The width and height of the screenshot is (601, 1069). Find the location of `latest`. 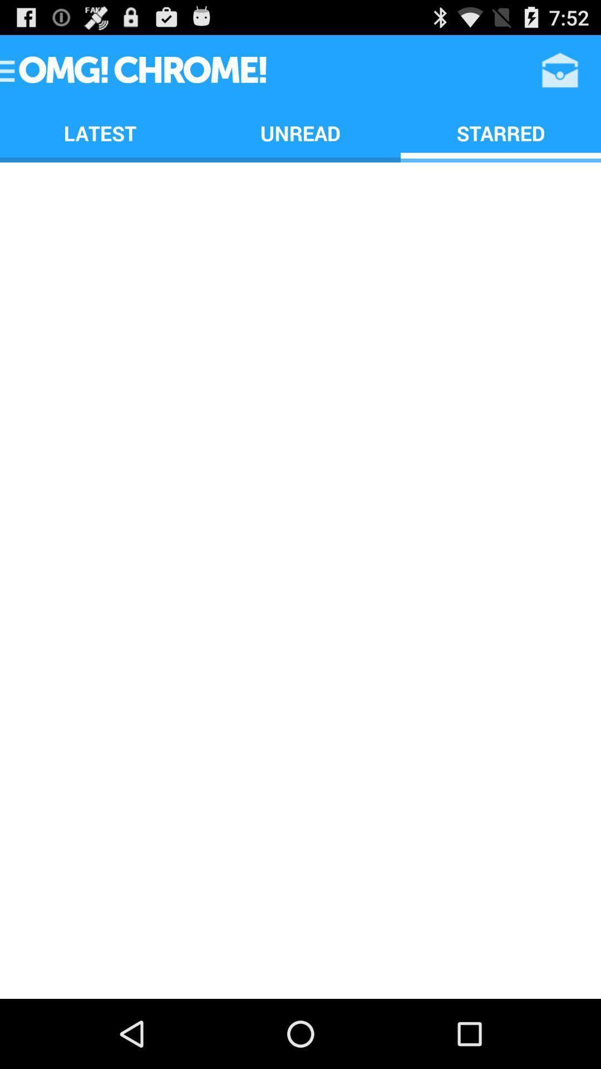

latest is located at coordinates (100, 133).